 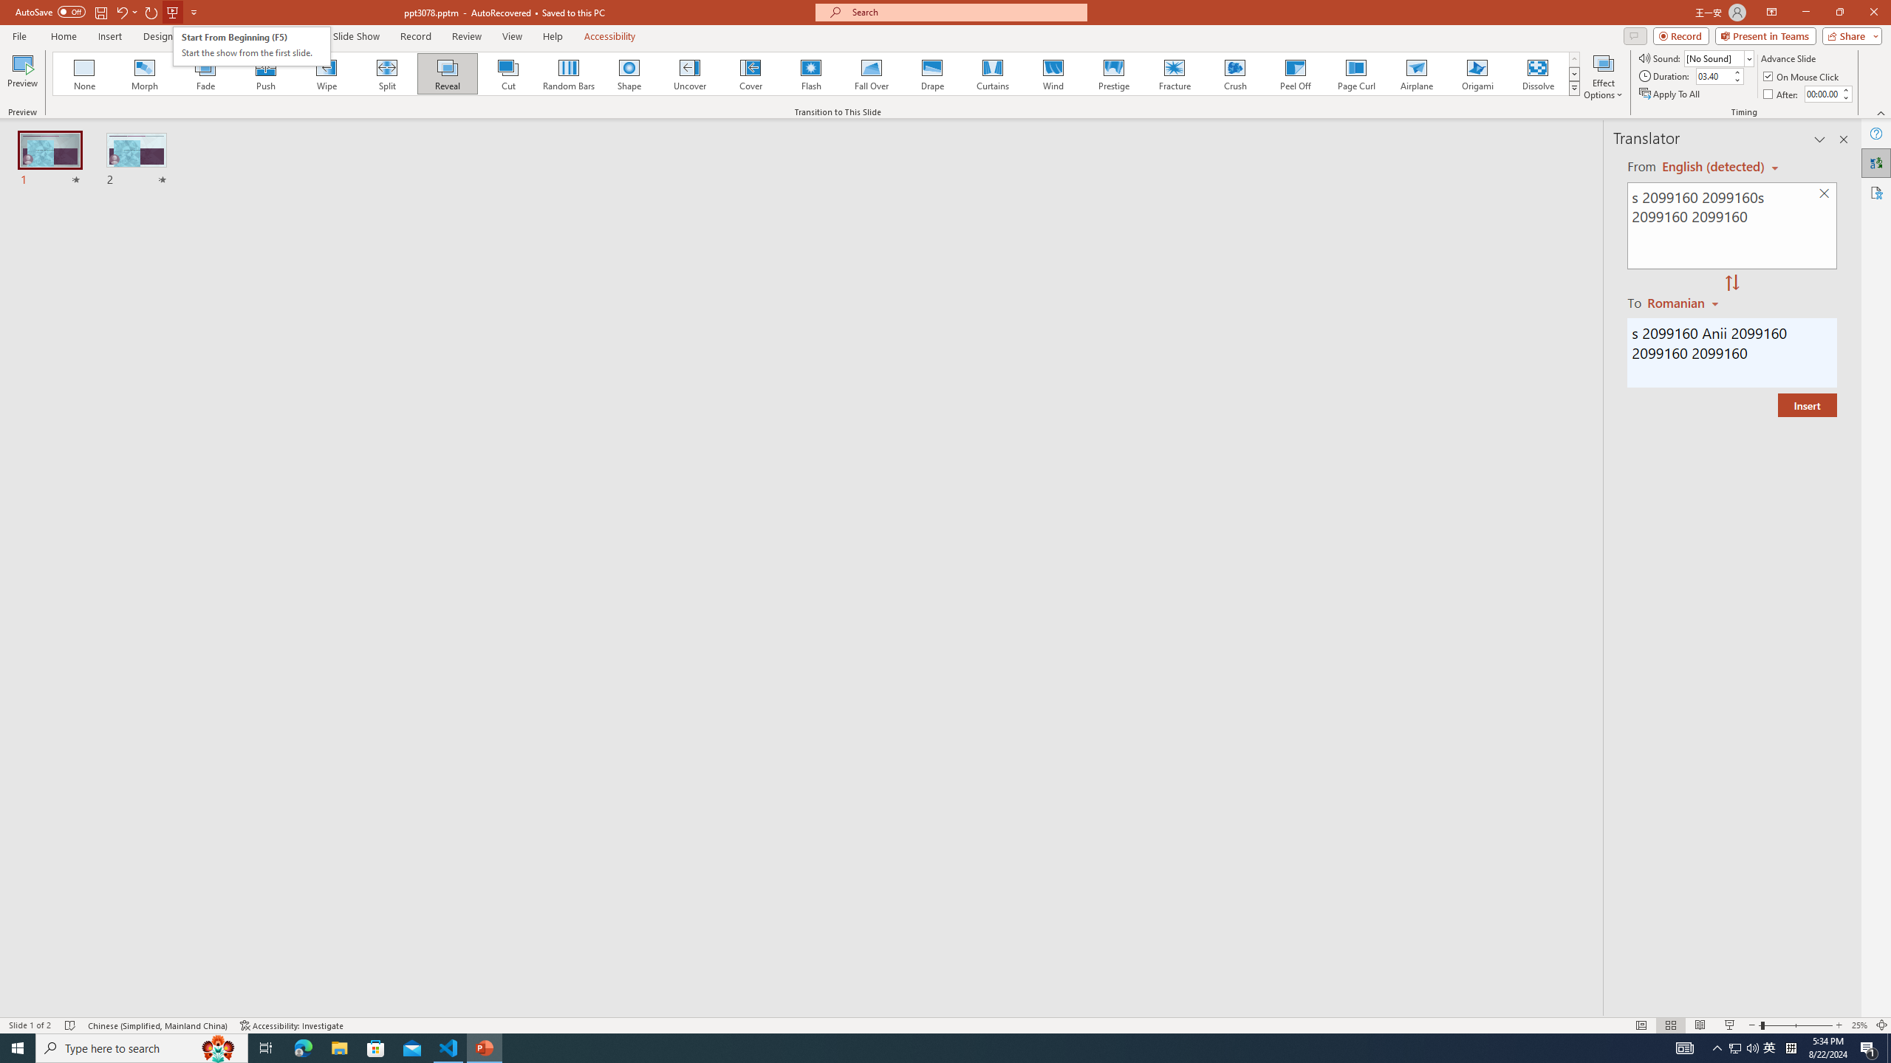 What do you see at coordinates (1113, 73) in the screenshot?
I see `'Prestige'` at bounding box center [1113, 73].